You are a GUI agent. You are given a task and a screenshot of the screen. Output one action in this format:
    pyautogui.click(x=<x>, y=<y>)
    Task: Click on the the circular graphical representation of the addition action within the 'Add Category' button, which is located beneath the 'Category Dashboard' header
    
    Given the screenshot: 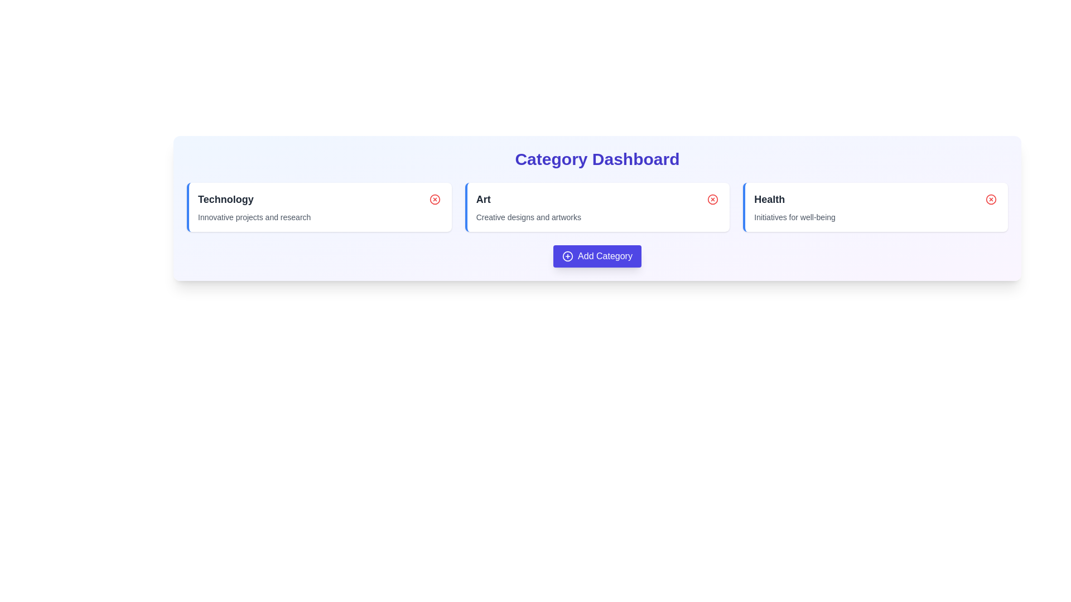 What is the action you would take?
    pyautogui.click(x=567, y=256)
    